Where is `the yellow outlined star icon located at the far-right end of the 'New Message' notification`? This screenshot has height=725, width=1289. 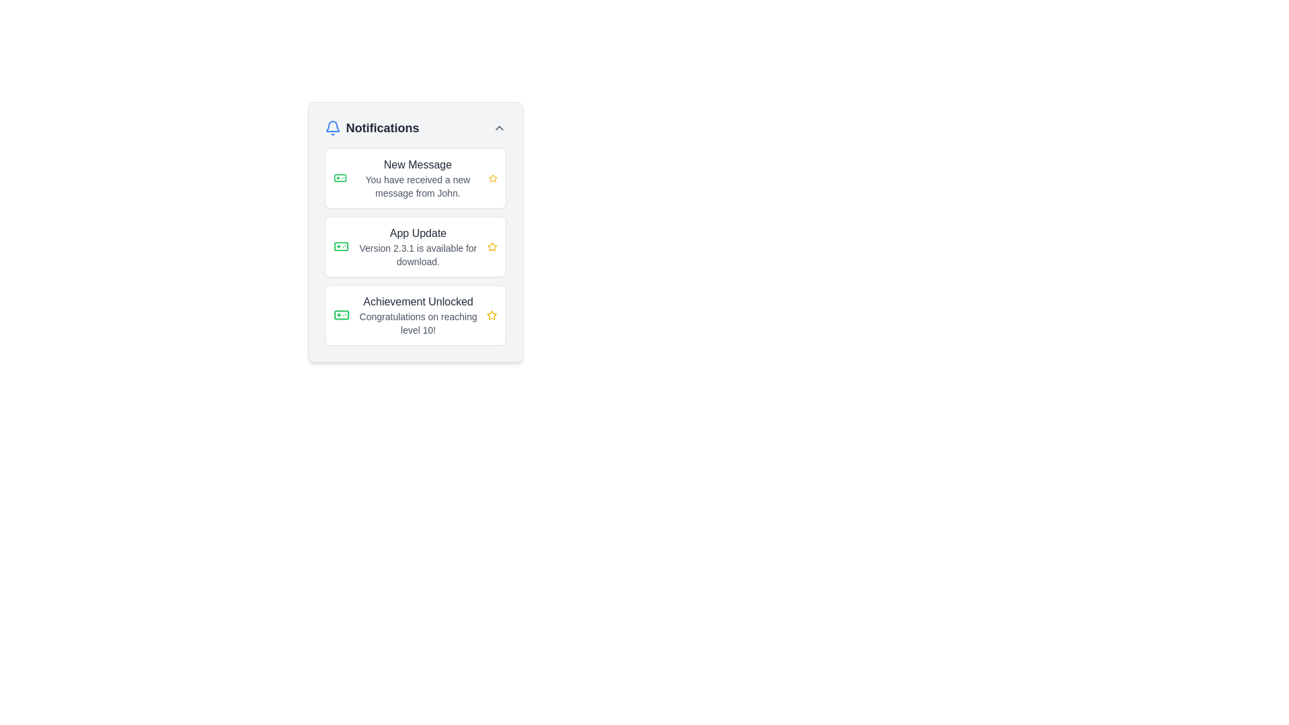 the yellow outlined star icon located at the far-right end of the 'New Message' notification is located at coordinates (492, 178).